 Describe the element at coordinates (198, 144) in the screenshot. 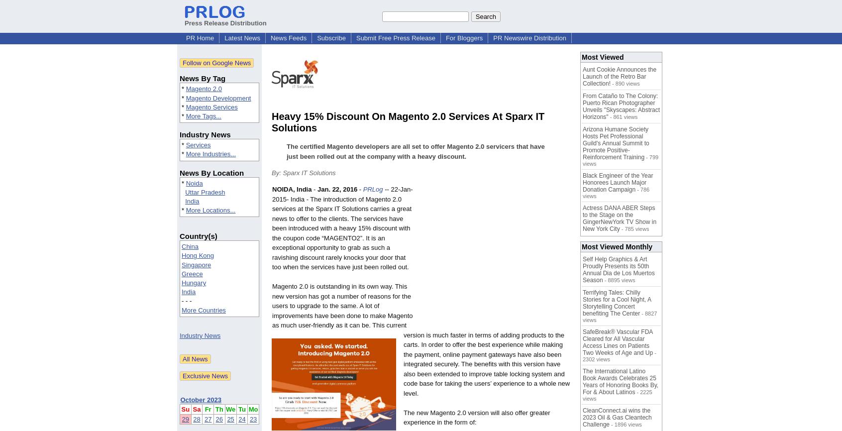

I see `'Services'` at that location.